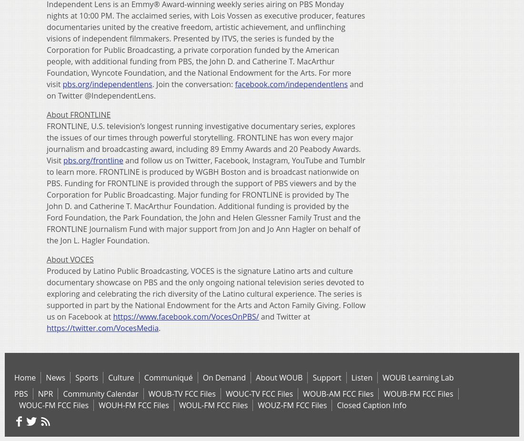  Describe the element at coordinates (37, 393) in the screenshot. I see `'NPR'` at that location.